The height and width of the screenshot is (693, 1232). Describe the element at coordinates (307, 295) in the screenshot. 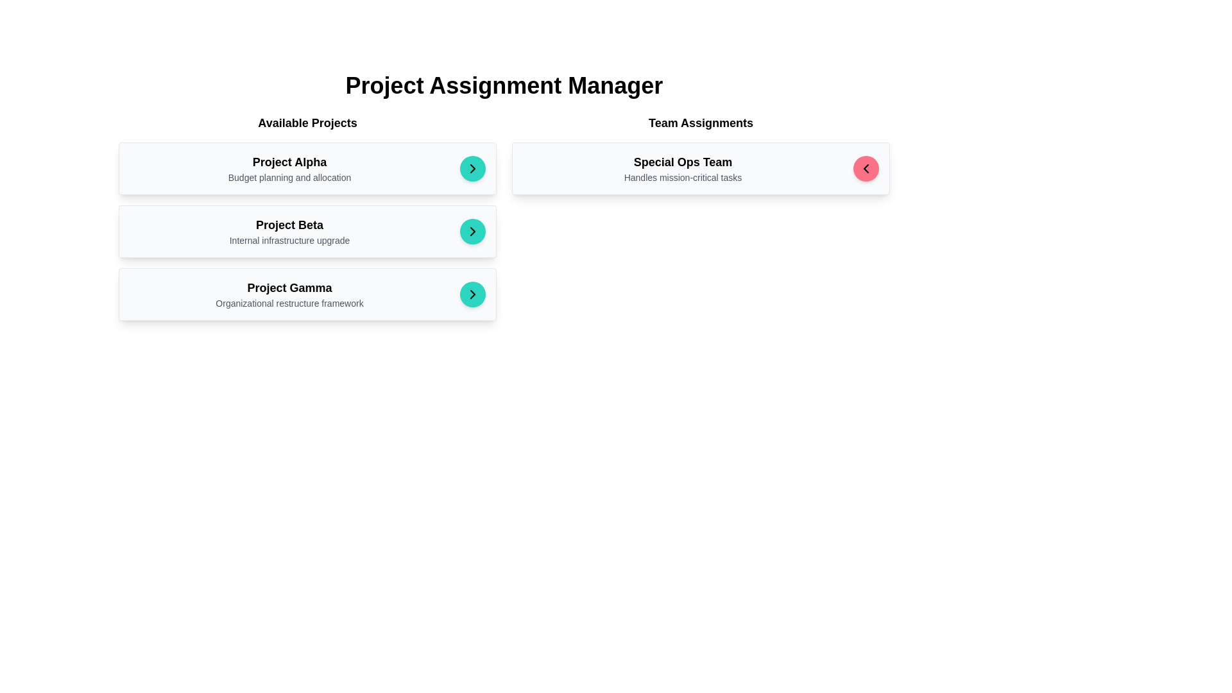

I see `the third card titled 'Project Gamma' in the 'Available Projects' section` at that location.